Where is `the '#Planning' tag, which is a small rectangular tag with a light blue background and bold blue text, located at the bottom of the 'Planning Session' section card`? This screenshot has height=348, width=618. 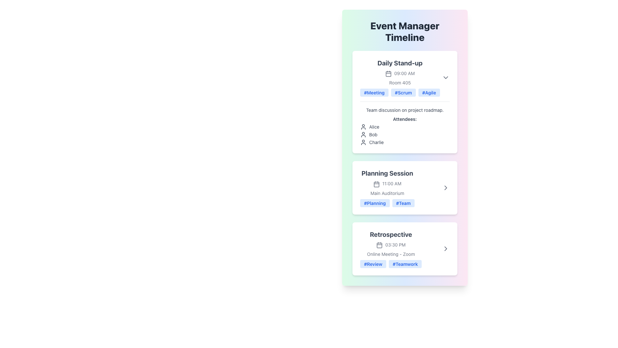 the '#Planning' tag, which is a small rectangular tag with a light blue background and bold blue text, located at the bottom of the 'Planning Session' section card is located at coordinates (375, 203).